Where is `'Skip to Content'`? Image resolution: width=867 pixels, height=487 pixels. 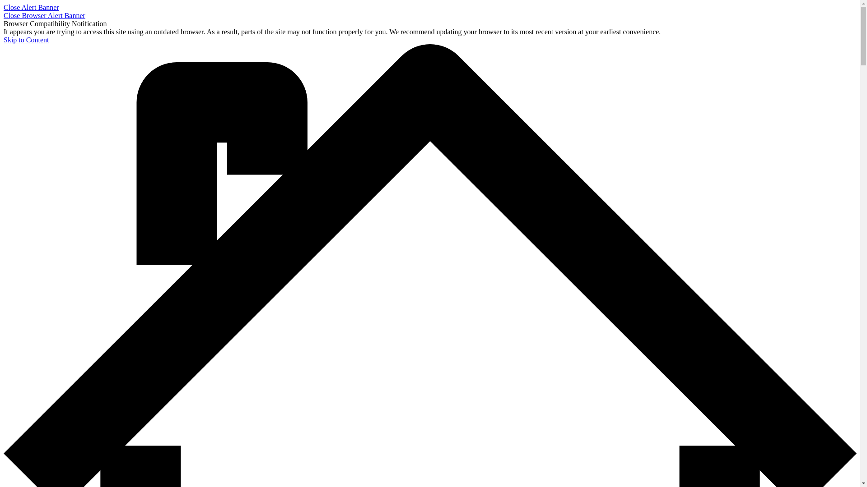
'Skip to Content' is located at coordinates (26, 39).